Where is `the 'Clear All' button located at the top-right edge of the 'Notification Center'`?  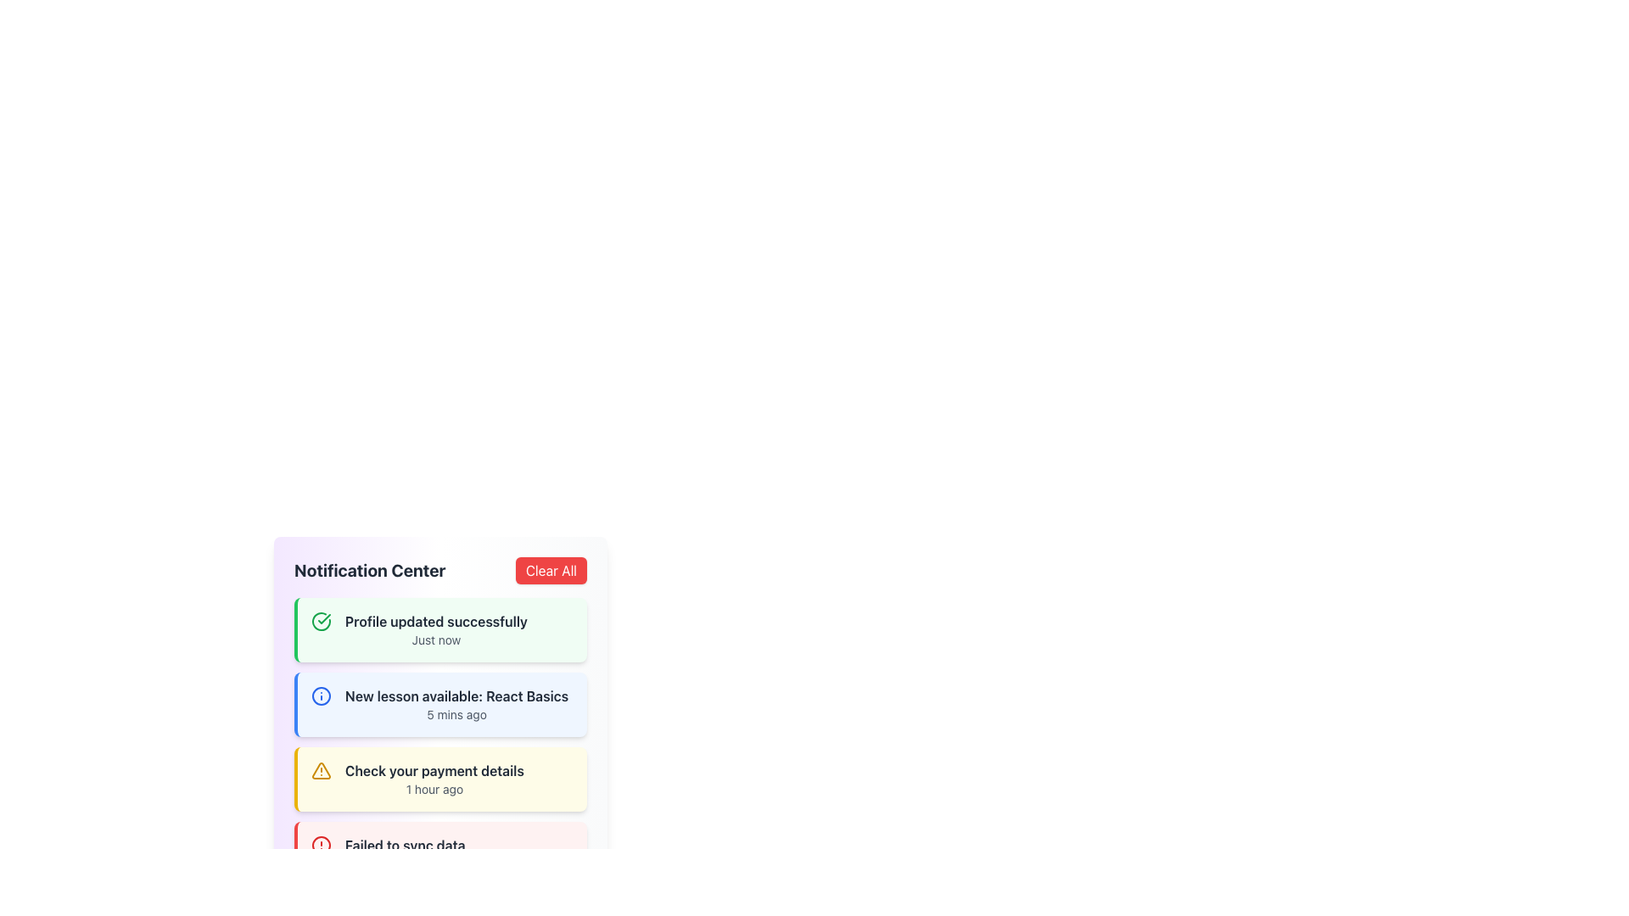 the 'Clear All' button located at the top-right edge of the 'Notification Center' is located at coordinates (551, 570).